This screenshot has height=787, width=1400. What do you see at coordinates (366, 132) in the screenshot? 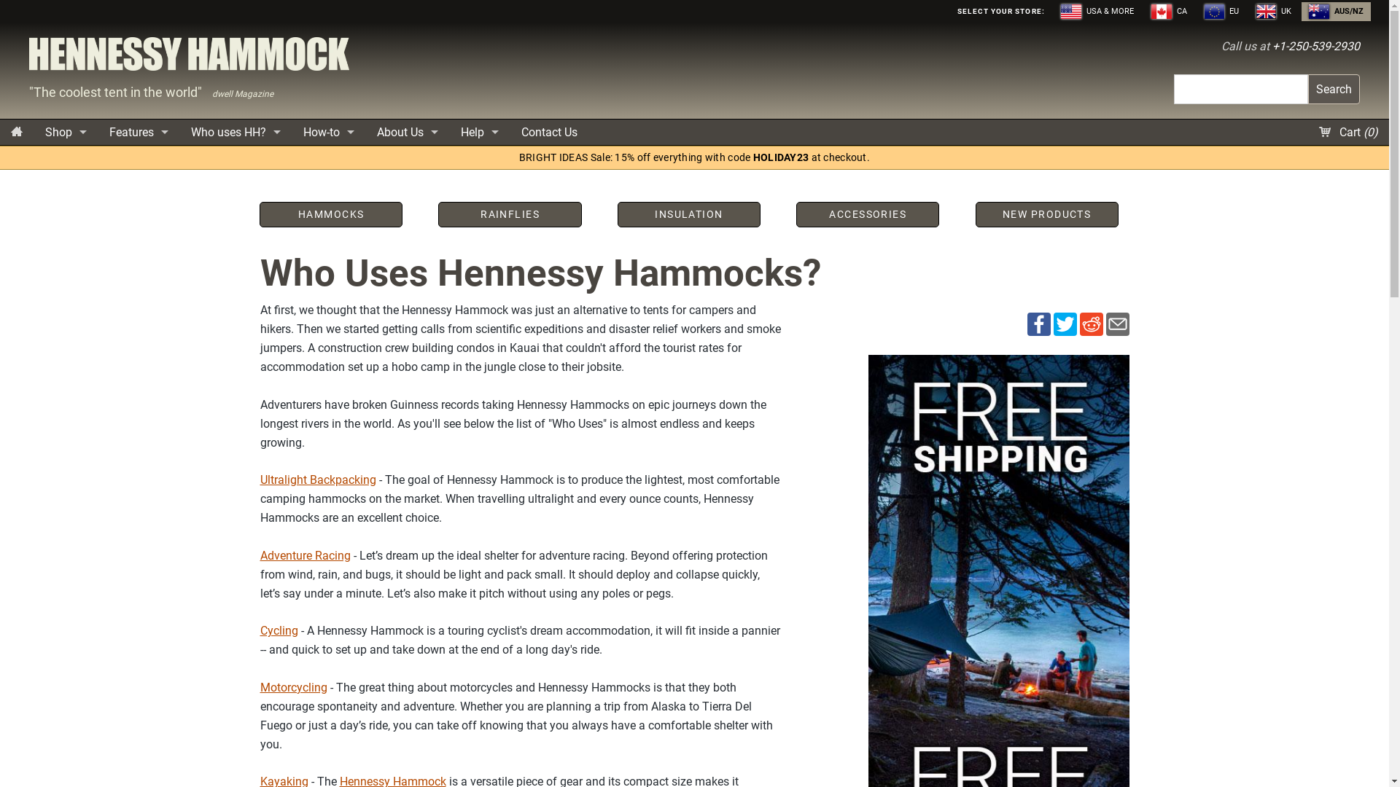
I see `'About Us'` at bounding box center [366, 132].